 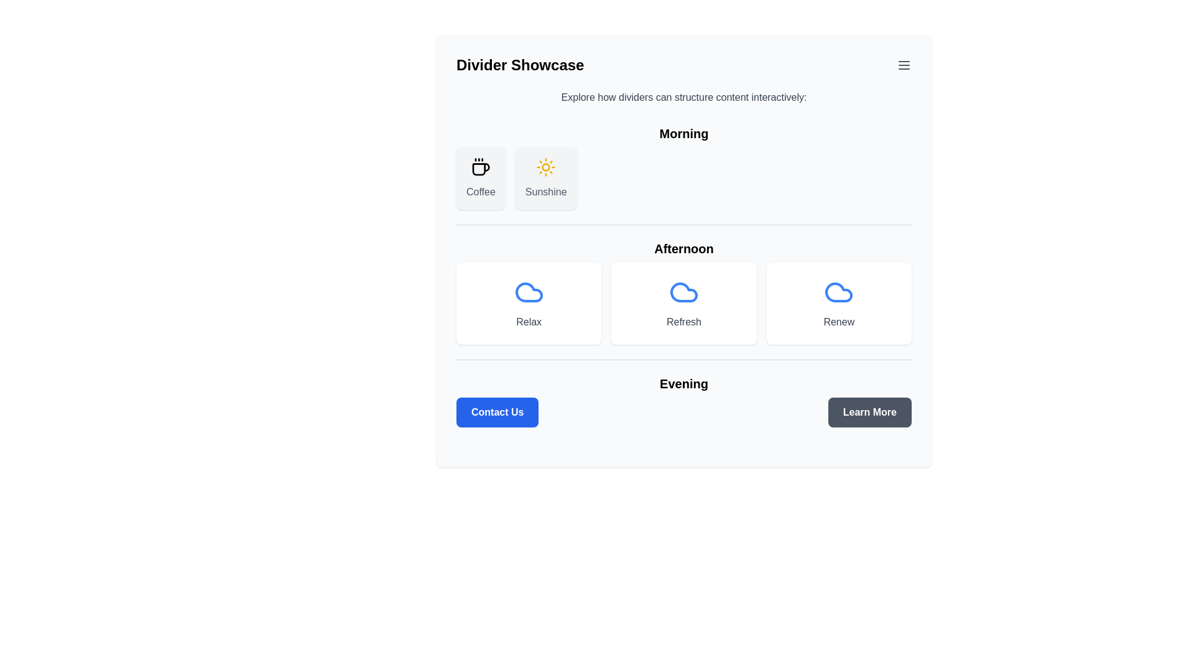 What do you see at coordinates (480, 167) in the screenshot?
I see `the 'Coffee' icon located in the 'Morning' section of the interface, positioned to the left of the 'Sunshine' icon` at bounding box center [480, 167].